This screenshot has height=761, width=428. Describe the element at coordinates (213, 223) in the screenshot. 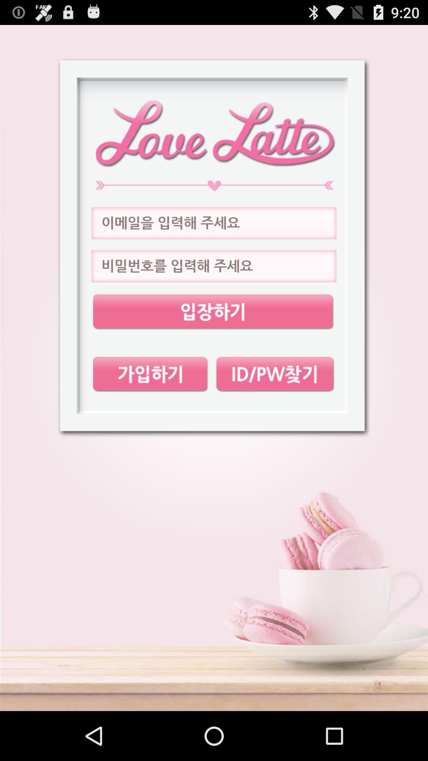

I see `username` at that location.